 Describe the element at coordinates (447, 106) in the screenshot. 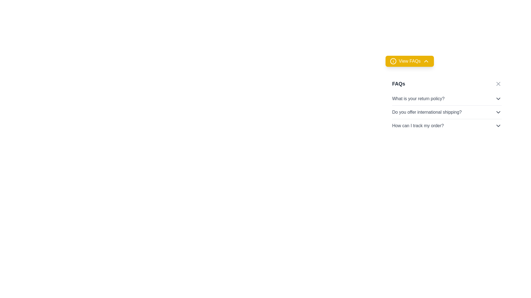

I see `the second Expandable FAQ item in the dropdown menu, which is located under 'What is your return policy?' and above 'How can I track my order?'` at that location.